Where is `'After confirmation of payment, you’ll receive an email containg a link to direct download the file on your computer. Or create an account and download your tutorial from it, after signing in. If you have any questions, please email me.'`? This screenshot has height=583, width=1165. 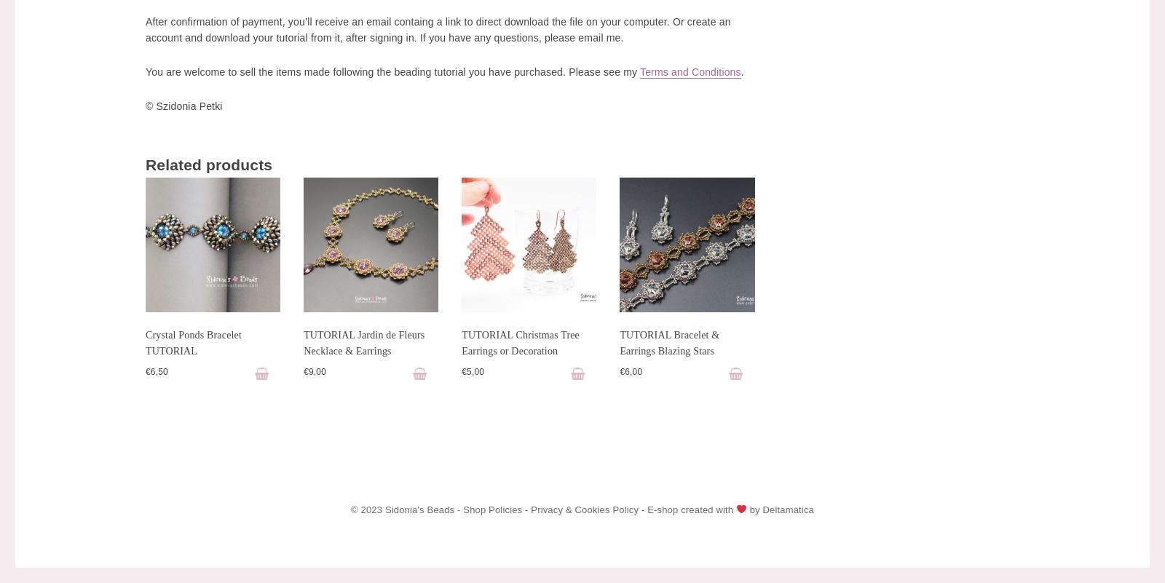
'After confirmation of payment, you’ll receive an email containg a link to direct download the file on your computer. Or create an account and download your tutorial from it, after signing in. If you have any questions, please email me.' is located at coordinates (438, 28).